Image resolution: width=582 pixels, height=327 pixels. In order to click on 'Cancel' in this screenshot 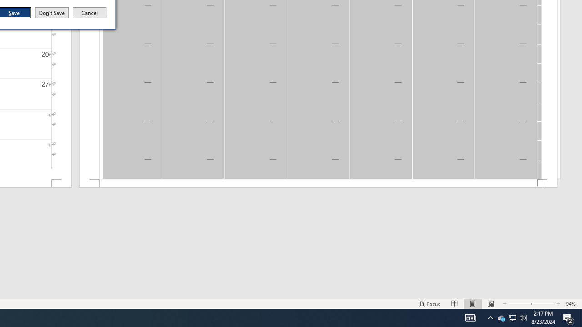, I will do `click(90, 13)`.